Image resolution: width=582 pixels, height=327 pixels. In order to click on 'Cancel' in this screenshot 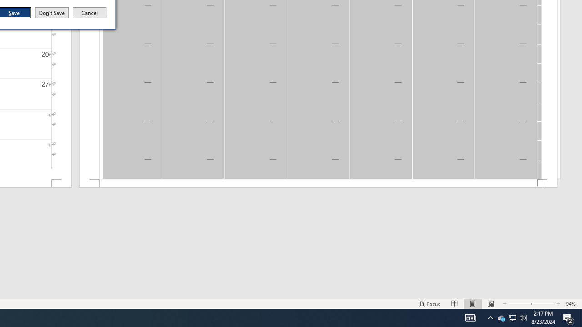, I will do `click(90, 13)`.